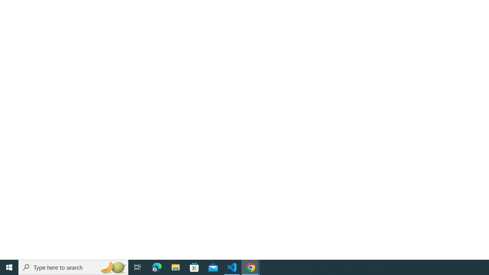 Image resolution: width=489 pixels, height=275 pixels. Describe the element at coordinates (9, 267) in the screenshot. I see `'Start'` at that location.